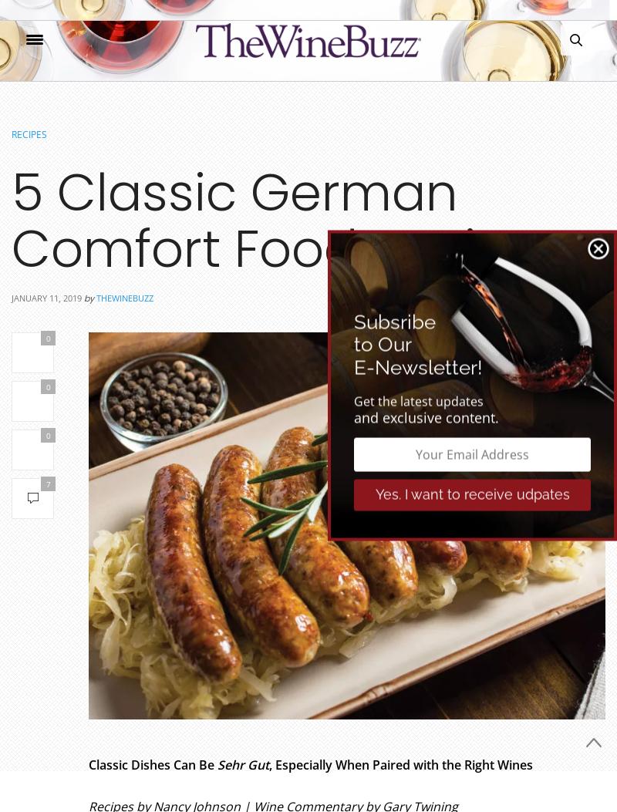 Image resolution: width=617 pixels, height=812 pixels. I want to click on '5 Classic German Comfort Food Recipes', so click(288, 219).